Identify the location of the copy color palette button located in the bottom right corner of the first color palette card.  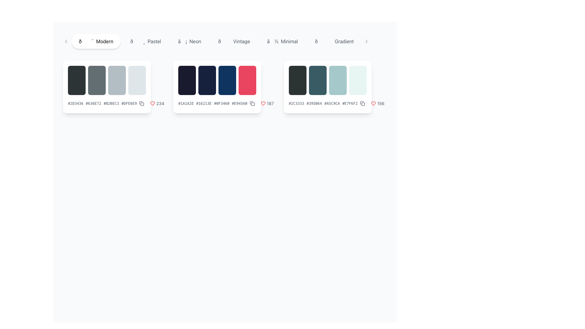
(141, 103).